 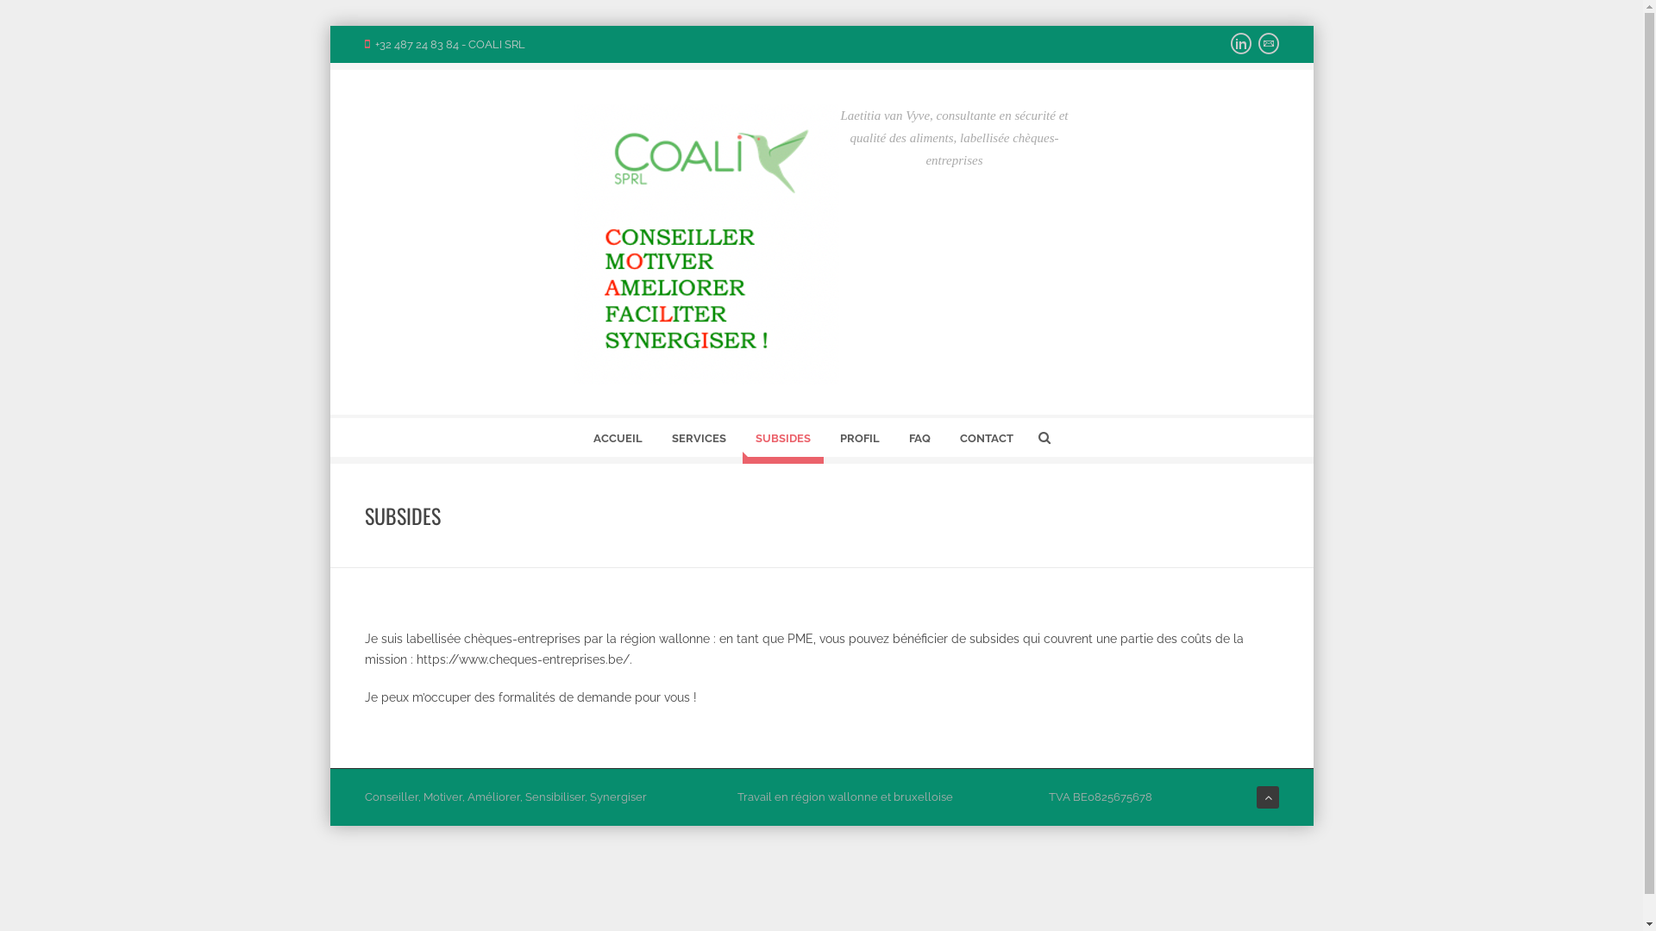 What do you see at coordinates (781, 441) in the screenshot?
I see `'SUBSIDES'` at bounding box center [781, 441].